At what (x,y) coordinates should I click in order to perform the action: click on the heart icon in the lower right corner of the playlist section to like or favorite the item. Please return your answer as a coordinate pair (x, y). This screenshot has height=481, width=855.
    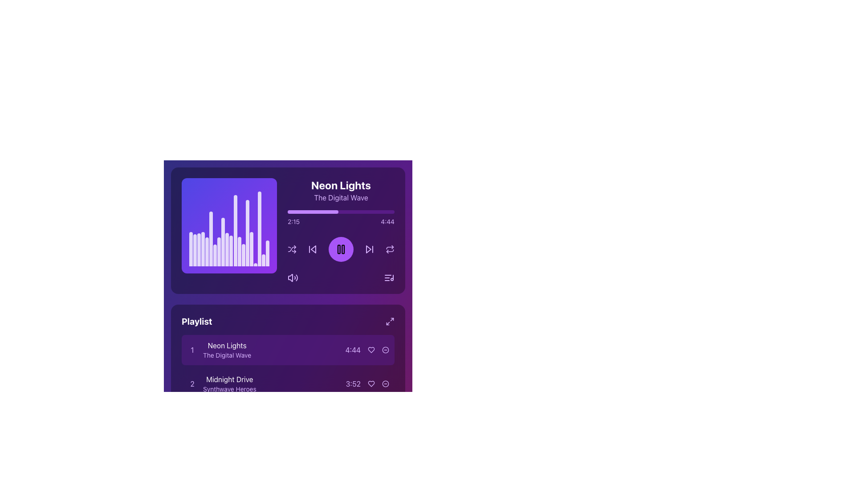
    Looking at the image, I should click on (371, 350).